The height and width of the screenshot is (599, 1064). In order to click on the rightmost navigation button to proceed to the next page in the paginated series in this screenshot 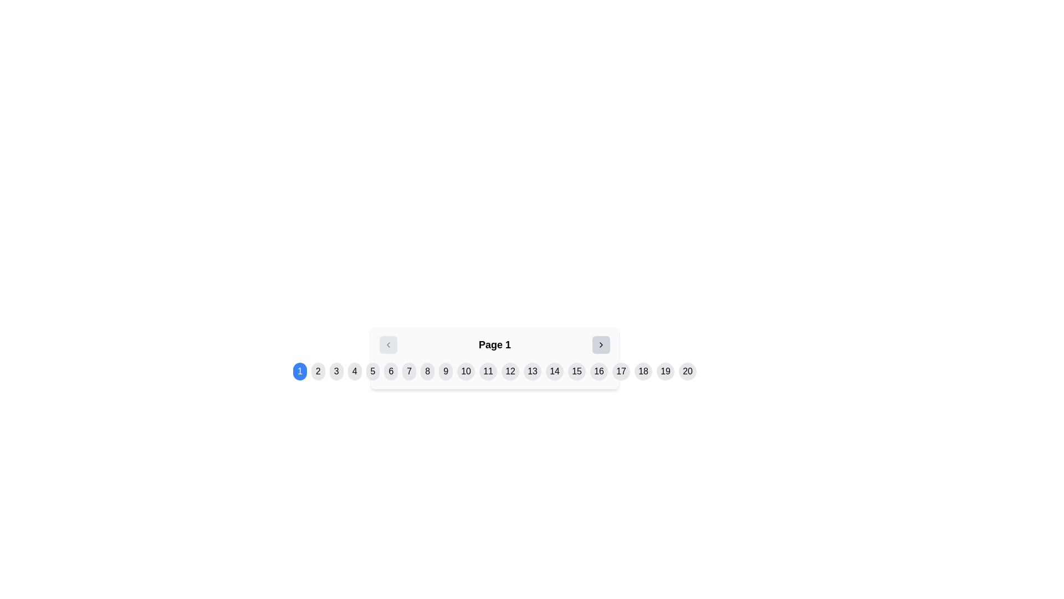, I will do `click(600, 344)`.